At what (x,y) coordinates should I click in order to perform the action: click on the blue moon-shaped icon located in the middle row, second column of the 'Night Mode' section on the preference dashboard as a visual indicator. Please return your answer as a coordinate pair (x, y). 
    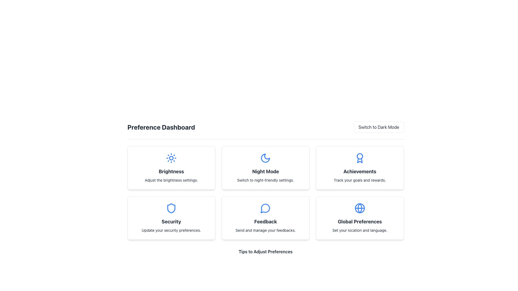
    Looking at the image, I should click on (265, 158).